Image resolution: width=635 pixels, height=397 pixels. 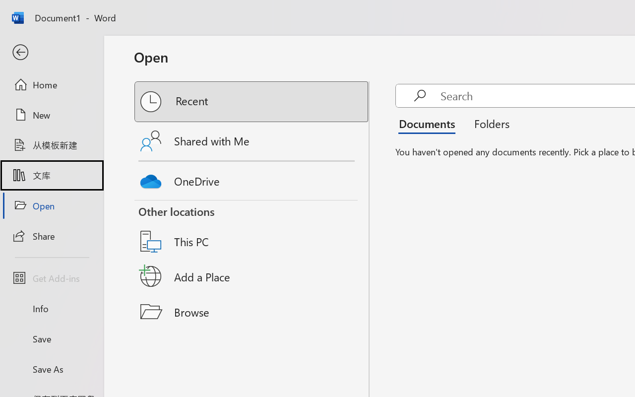 I want to click on 'Shared with Me', so click(x=252, y=141).